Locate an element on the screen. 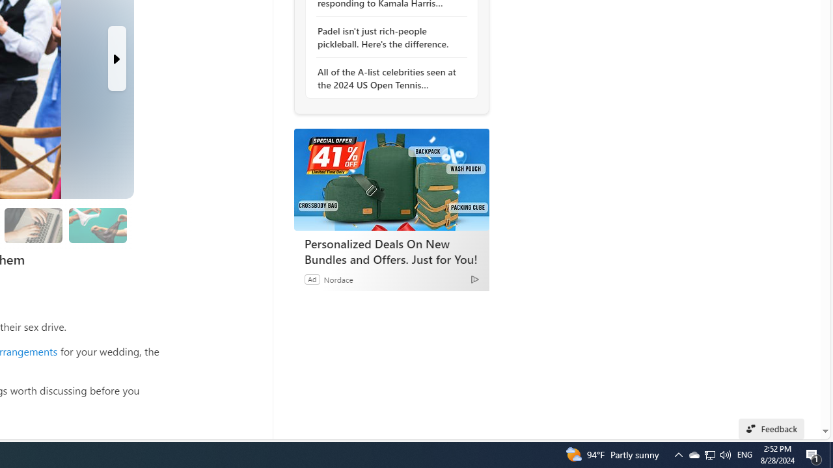 This screenshot has height=468, width=833. 'Ad Choice' is located at coordinates (474, 278).